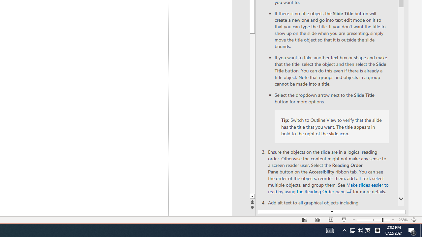 The height and width of the screenshot is (237, 422). I want to click on 'Show desktop', so click(421, 230).